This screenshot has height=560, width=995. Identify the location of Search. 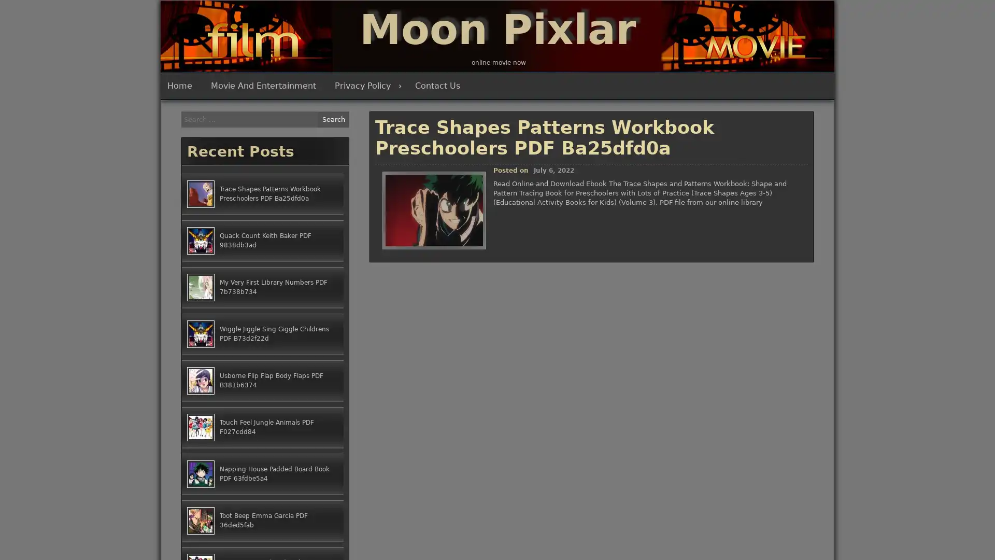
(333, 119).